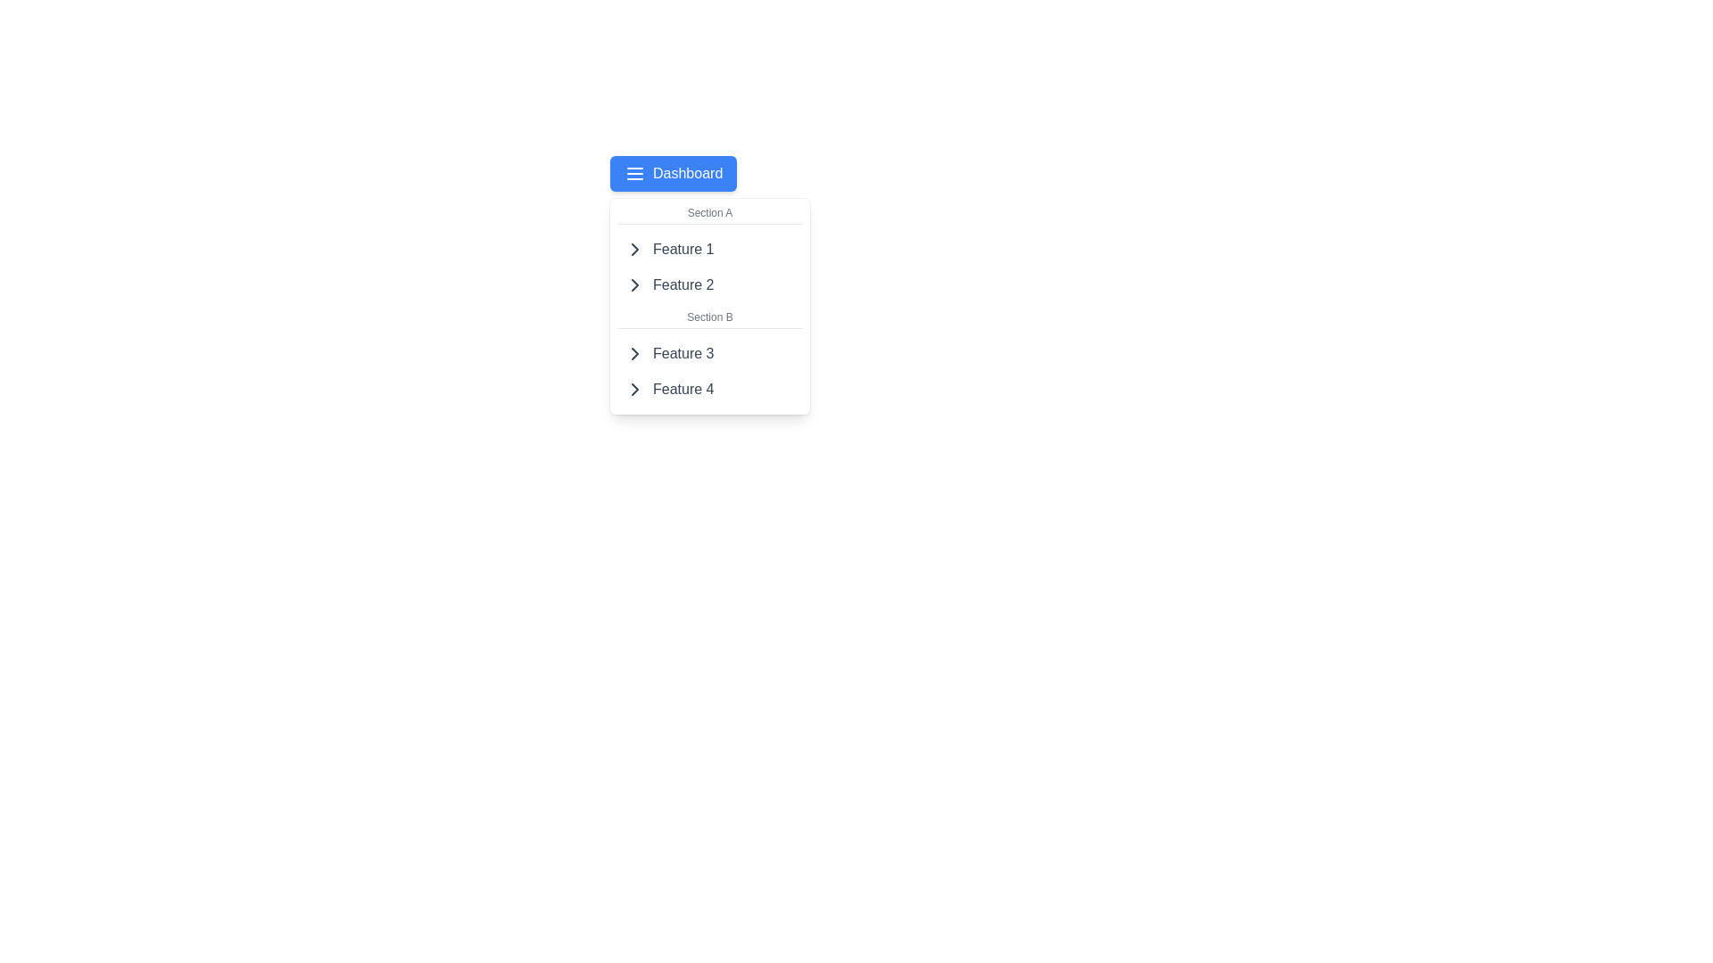  Describe the element at coordinates (634, 250) in the screenshot. I see `the first icon adjacent to 'Feature 1' in the dropdown menu under 'Section A'` at that location.